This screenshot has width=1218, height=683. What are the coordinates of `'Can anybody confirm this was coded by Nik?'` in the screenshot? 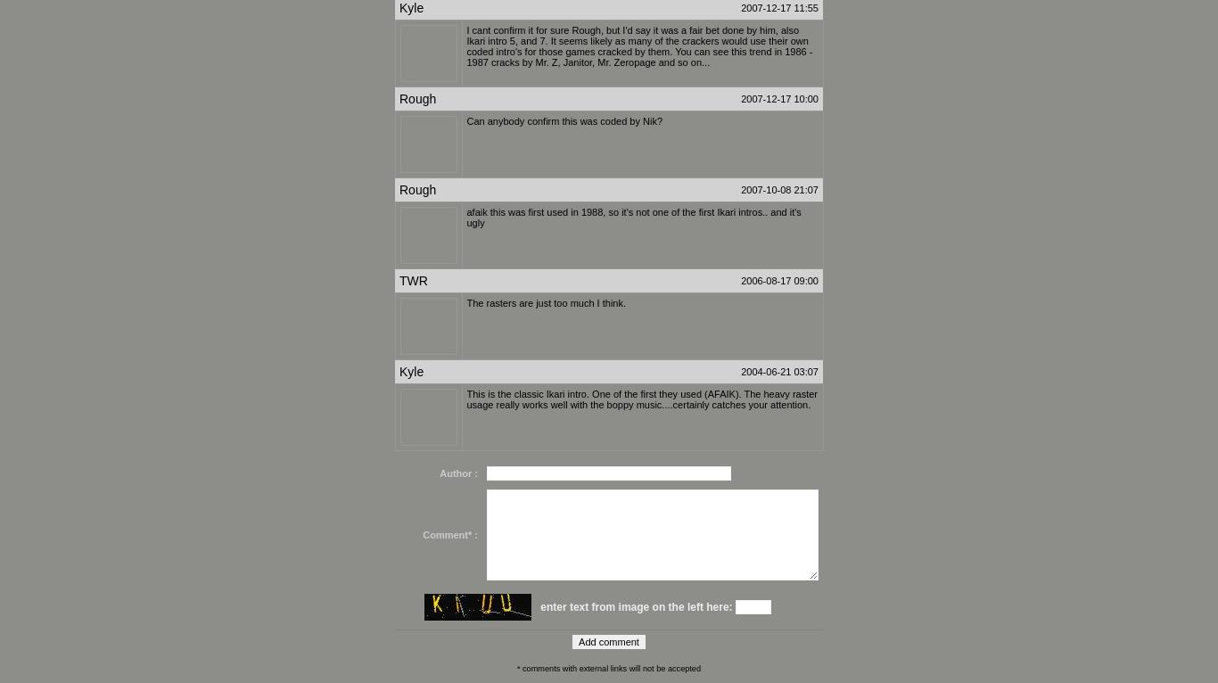 It's located at (564, 120).